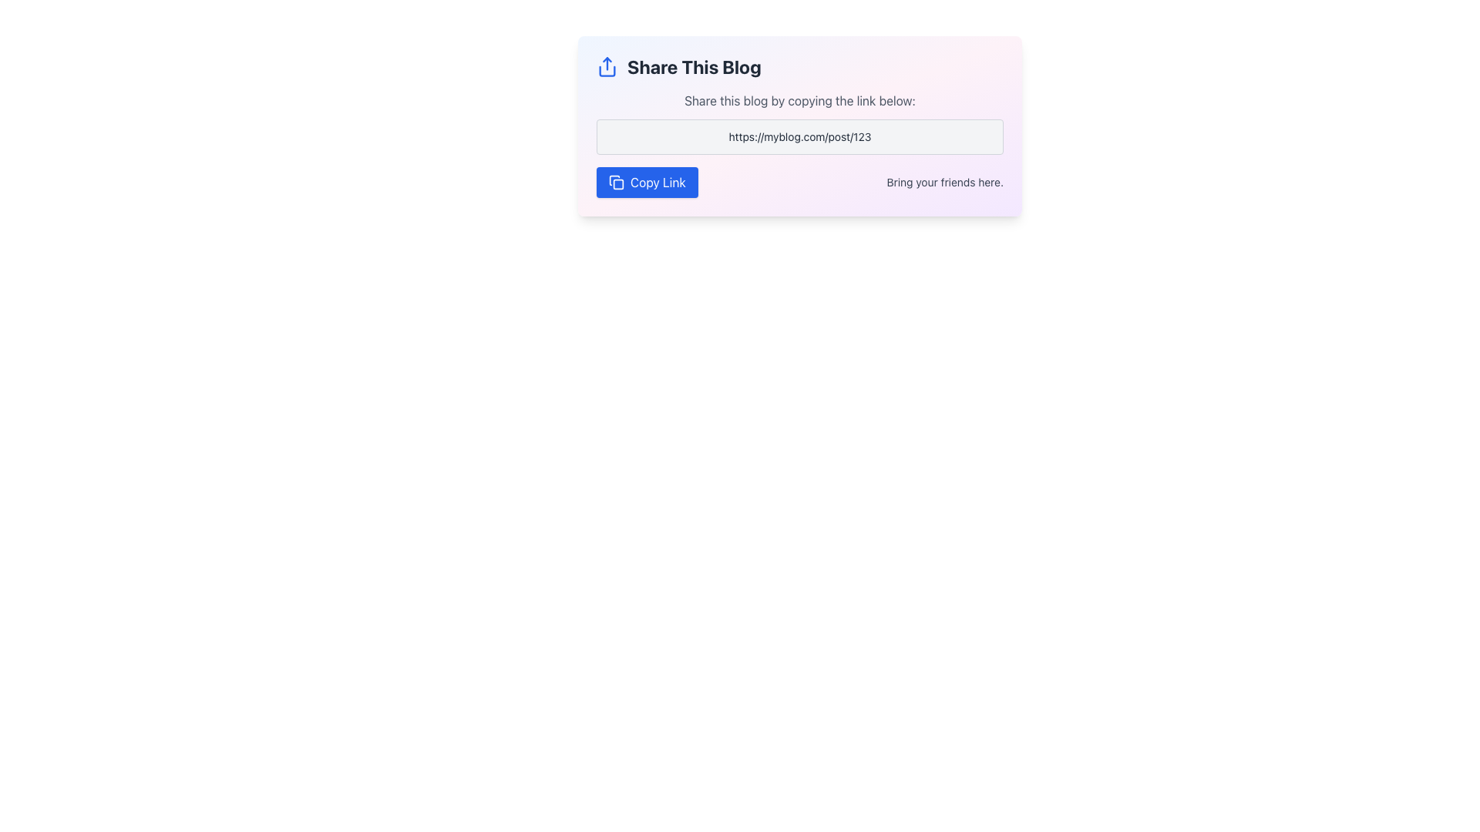 The width and height of the screenshot is (1480, 832). What do you see at coordinates (606, 66) in the screenshot?
I see `the share icon located at the leftmost side of the header area, which symbolizes the action of sharing the content of the blog` at bounding box center [606, 66].